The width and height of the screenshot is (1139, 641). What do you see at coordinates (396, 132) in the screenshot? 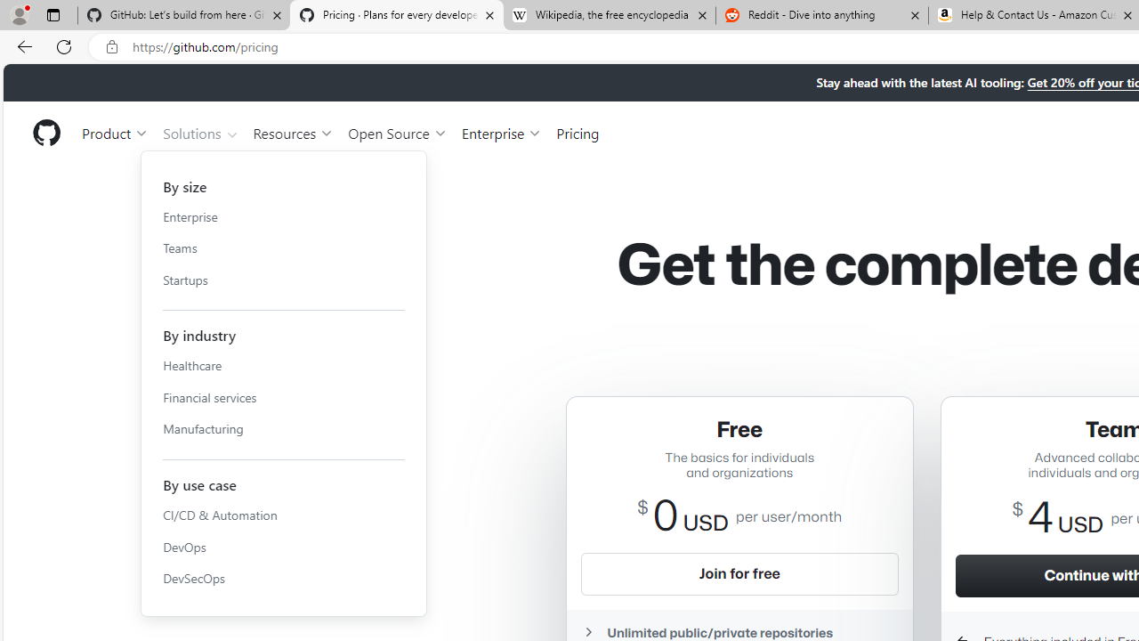
I see `'Open Source'` at bounding box center [396, 132].